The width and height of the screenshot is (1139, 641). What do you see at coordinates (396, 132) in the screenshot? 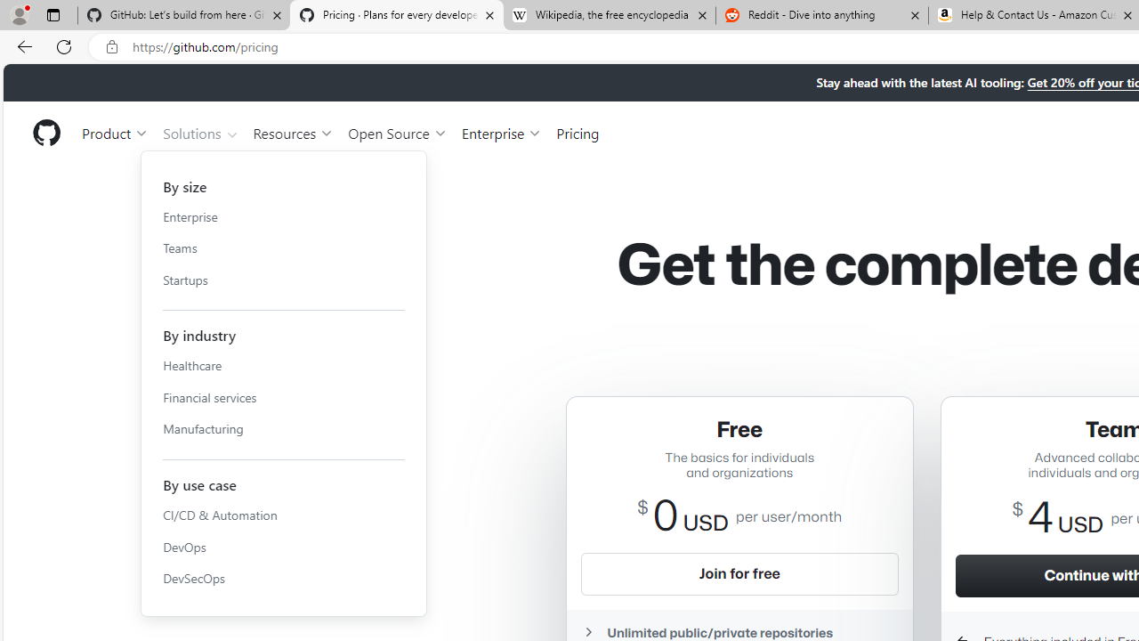
I see `'Open Source'` at bounding box center [396, 132].